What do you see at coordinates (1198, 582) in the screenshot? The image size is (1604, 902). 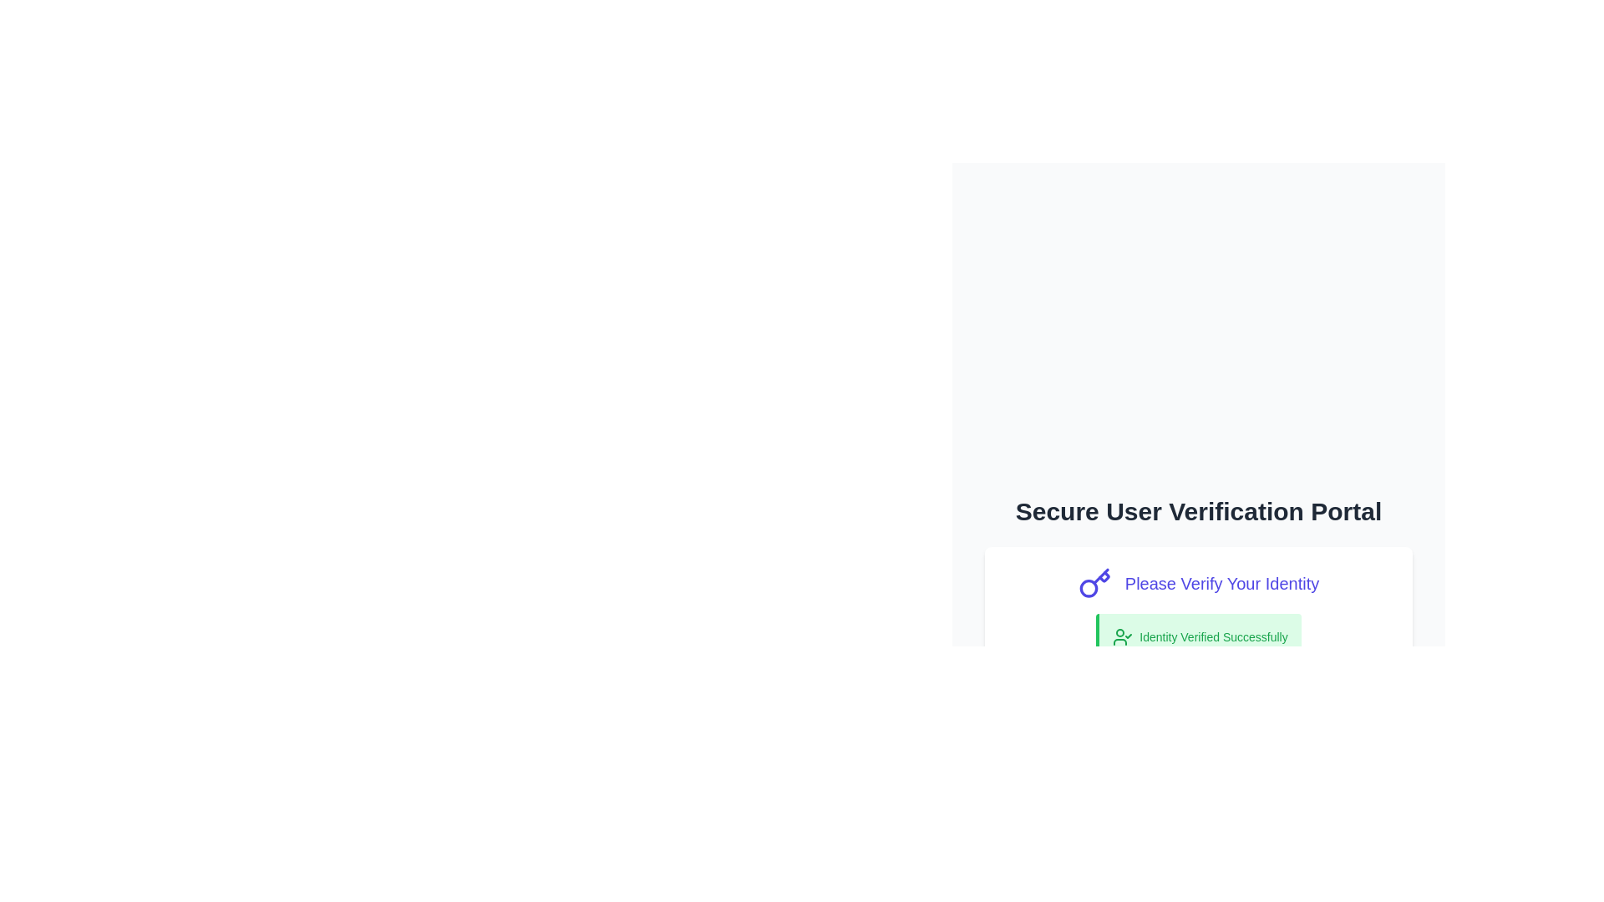 I see `text 'Please Verify Your Identity' from the text block with an accompanying key icon, positioned at the top of the card section` at bounding box center [1198, 582].